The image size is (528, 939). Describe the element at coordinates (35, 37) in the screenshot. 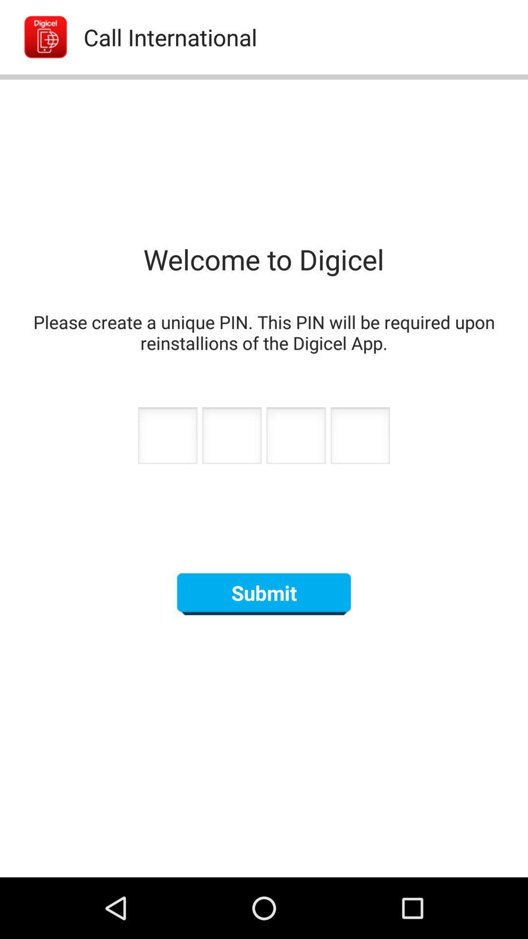

I see `icon to the left of the call international item` at that location.